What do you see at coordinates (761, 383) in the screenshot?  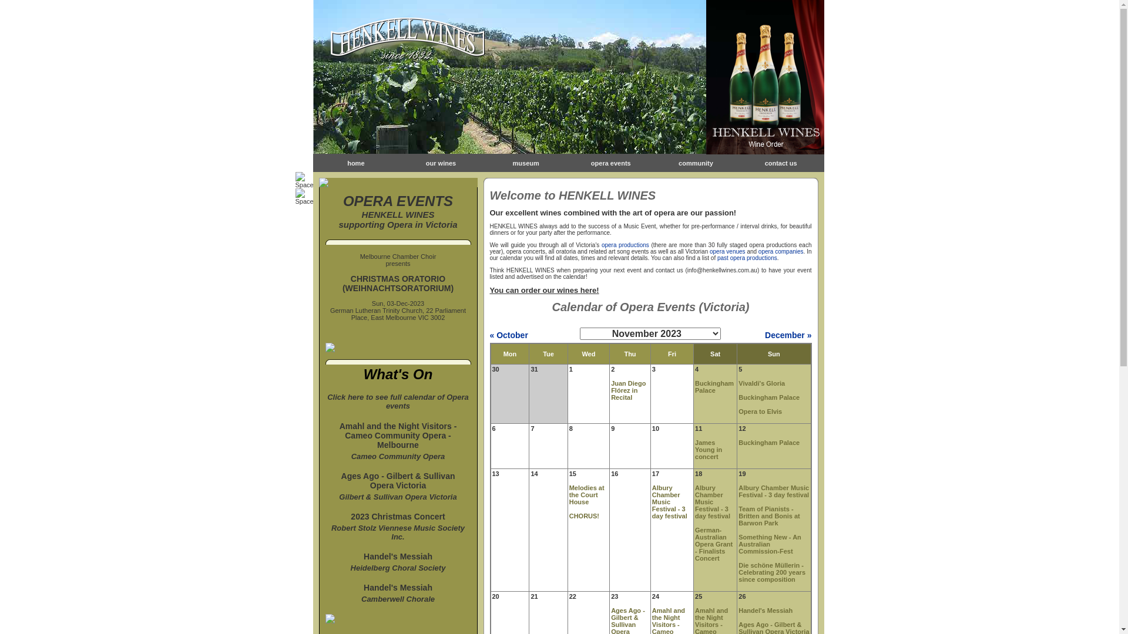 I see `'Vivaldi's Gloria'` at bounding box center [761, 383].